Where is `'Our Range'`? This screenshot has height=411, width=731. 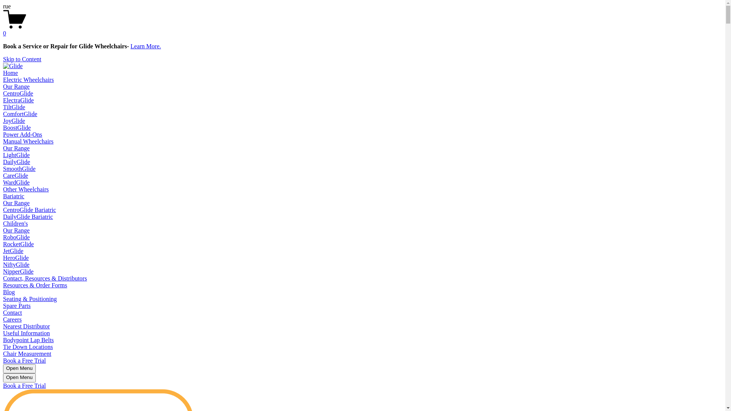 'Our Range' is located at coordinates (16, 86).